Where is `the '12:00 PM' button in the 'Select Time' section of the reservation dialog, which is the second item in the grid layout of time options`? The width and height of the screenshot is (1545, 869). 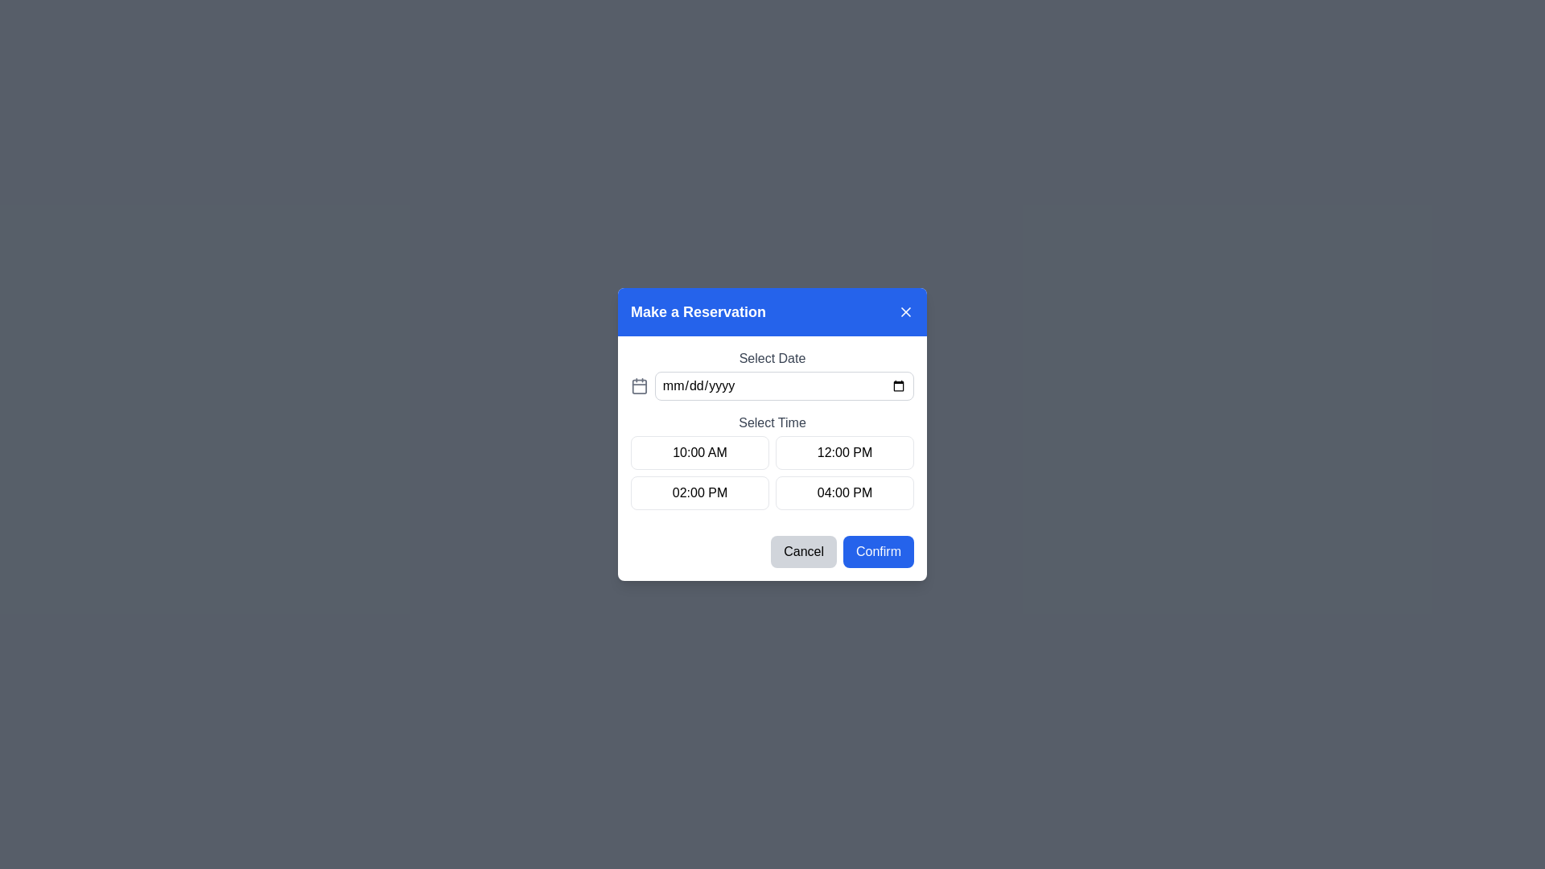
the '12:00 PM' button in the 'Select Time' section of the reservation dialog, which is the second item in the grid layout of time options is located at coordinates (844, 453).